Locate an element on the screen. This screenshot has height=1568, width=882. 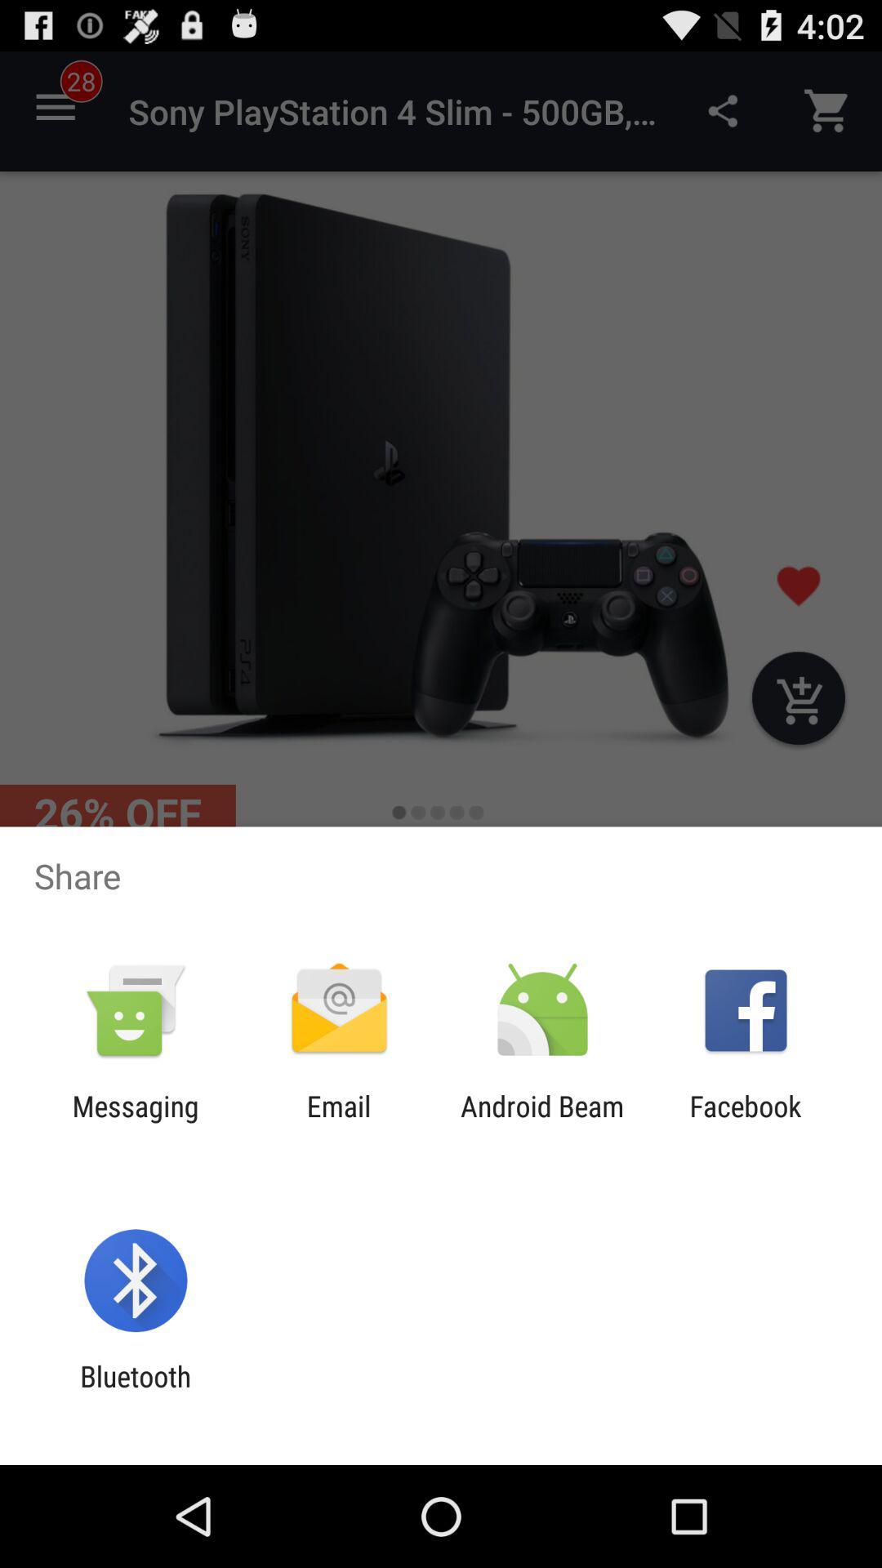
the bluetooth icon is located at coordinates (135, 1392).